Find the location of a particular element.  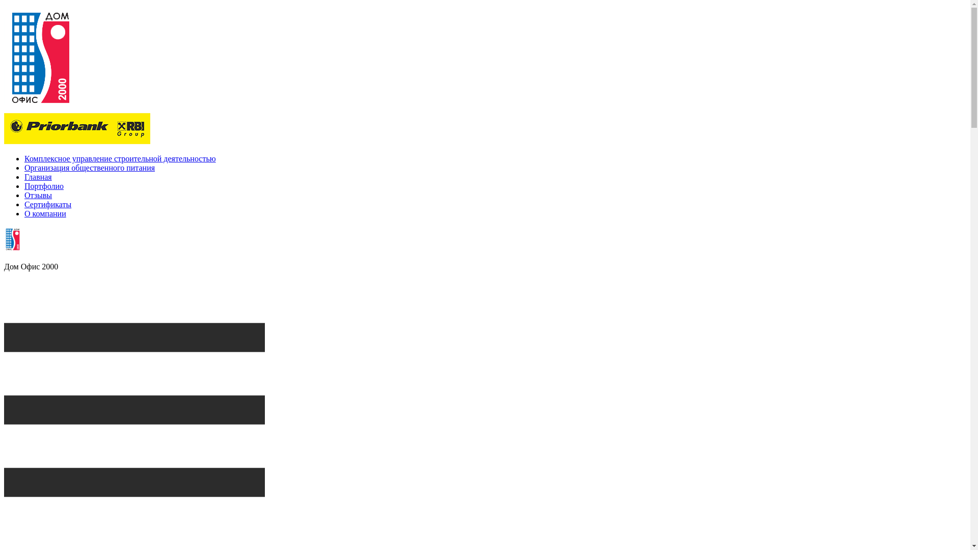

'Priorbank' is located at coordinates (76, 128).